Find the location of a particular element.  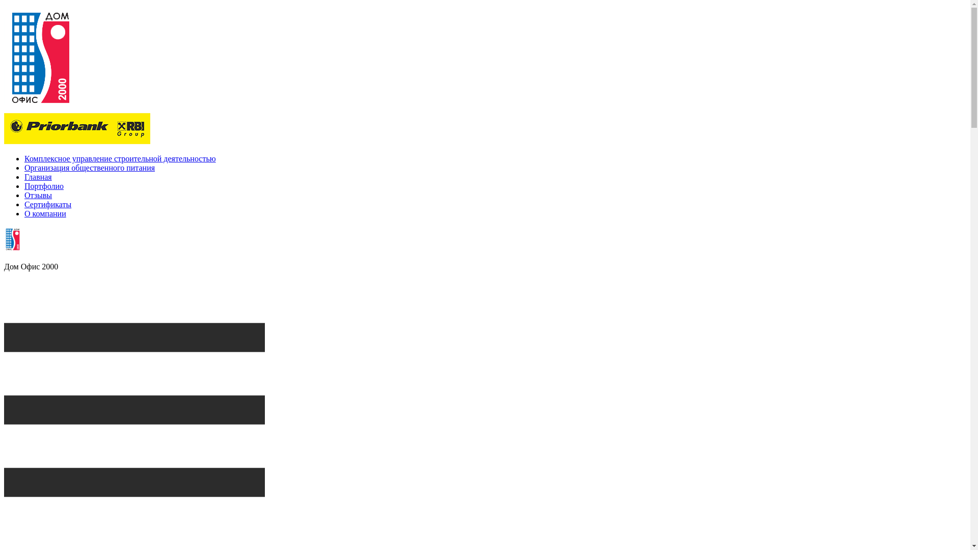

'Priorbank' is located at coordinates (76, 128).